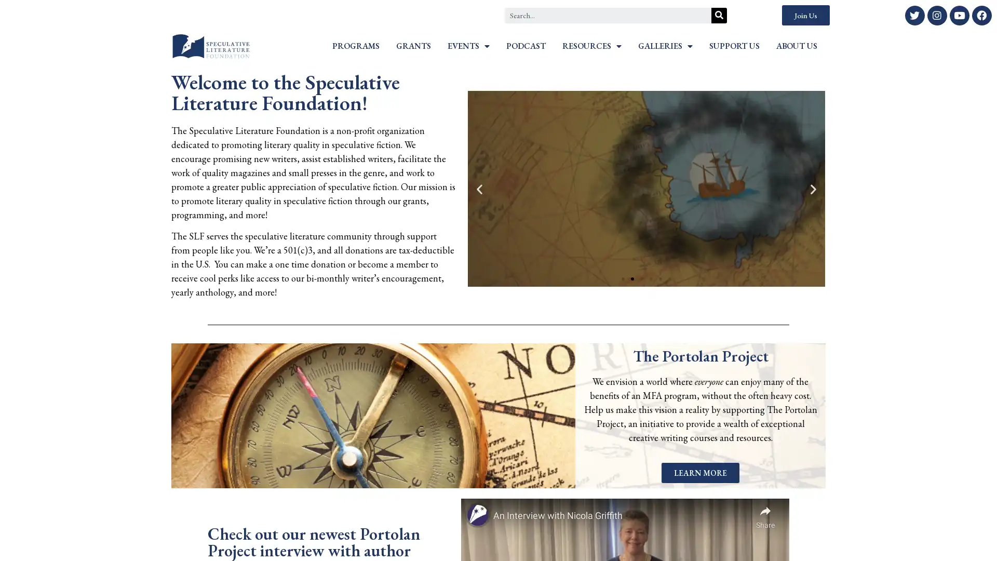  What do you see at coordinates (660, 278) in the screenshot?
I see `Go to slide 5` at bounding box center [660, 278].